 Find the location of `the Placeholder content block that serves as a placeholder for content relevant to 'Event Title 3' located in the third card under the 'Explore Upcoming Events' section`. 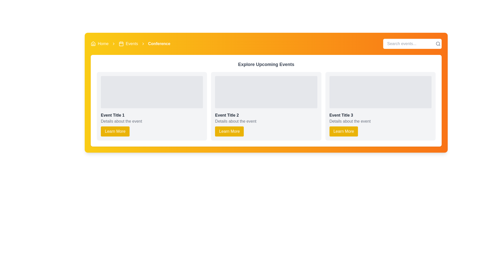

the Placeholder content block that serves as a placeholder for content relevant to 'Event Title 3' located in the third card under the 'Explore Upcoming Events' section is located at coordinates (380, 92).